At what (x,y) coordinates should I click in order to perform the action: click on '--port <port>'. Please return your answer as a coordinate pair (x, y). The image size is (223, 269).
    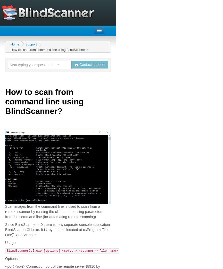
    Looking at the image, I should click on (15, 266).